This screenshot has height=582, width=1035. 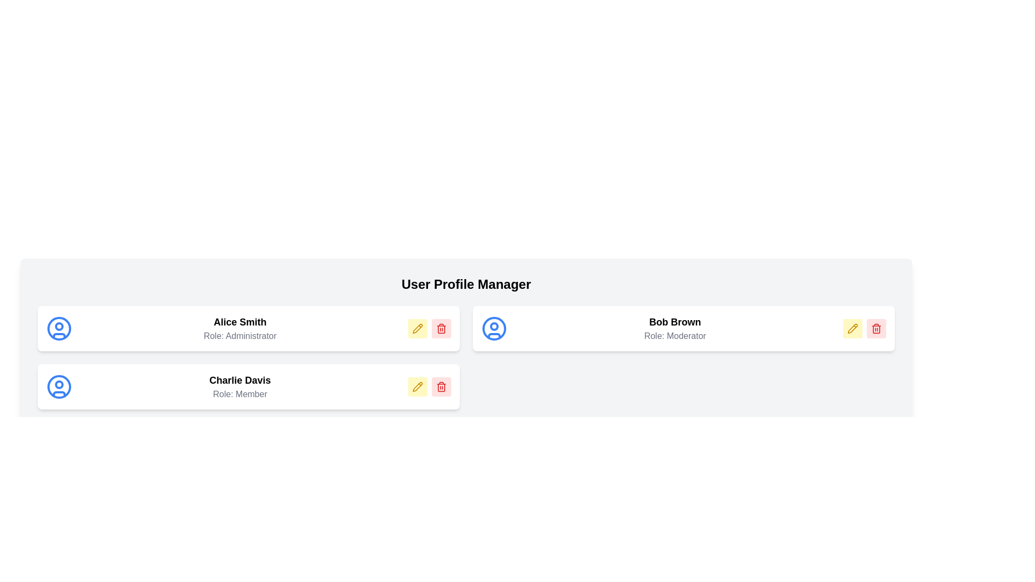 What do you see at coordinates (417, 328) in the screenshot?
I see `the edit button for 'Alice Smith'` at bounding box center [417, 328].